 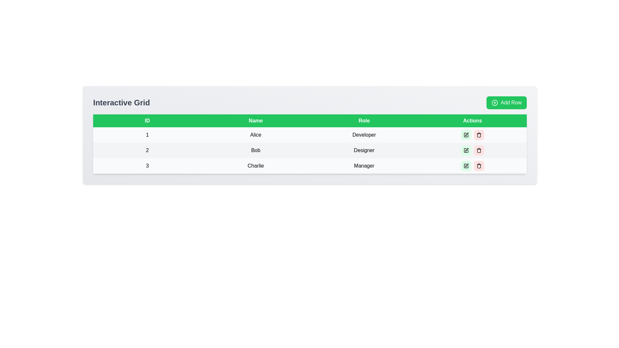 I want to click on the edit button with a pen icon on a green background located in the Action pane for the entry with ID '1', name 'Alice', and role 'Developer', so click(x=472, y=135).